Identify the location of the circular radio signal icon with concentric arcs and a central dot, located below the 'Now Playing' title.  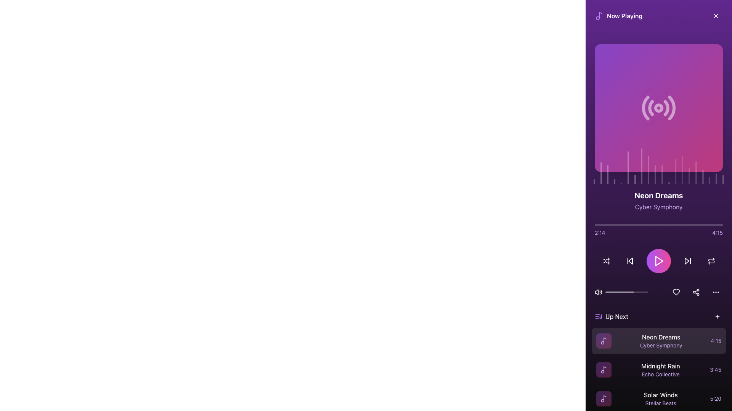
(658, 108).